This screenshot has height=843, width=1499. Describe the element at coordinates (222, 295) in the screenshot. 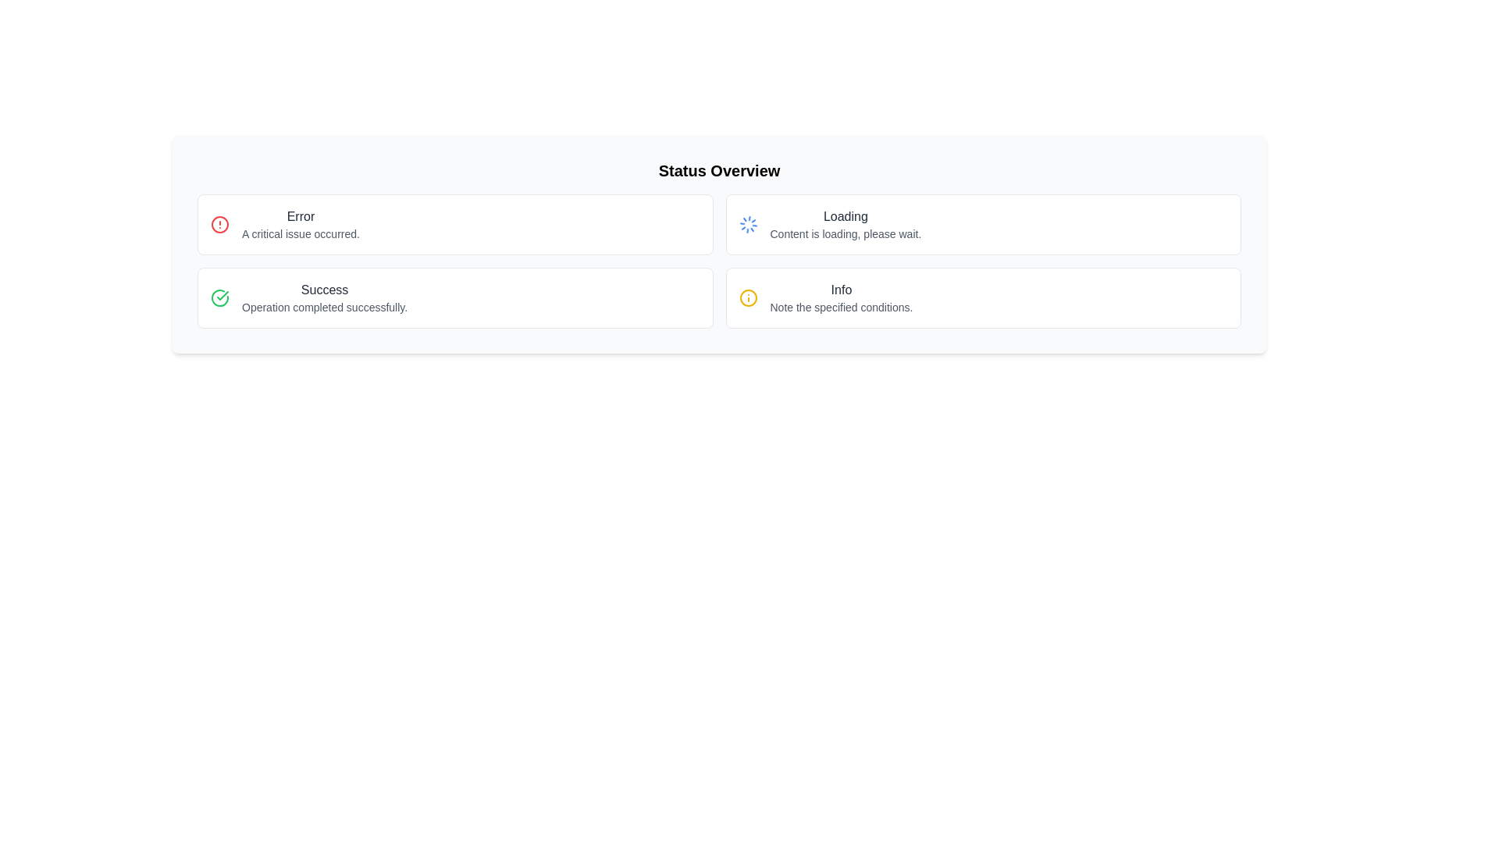

I see `the green checkmark icon within a circular border that indicates a successful operation, positioned centrally below the 'Error' indicator` at that location.